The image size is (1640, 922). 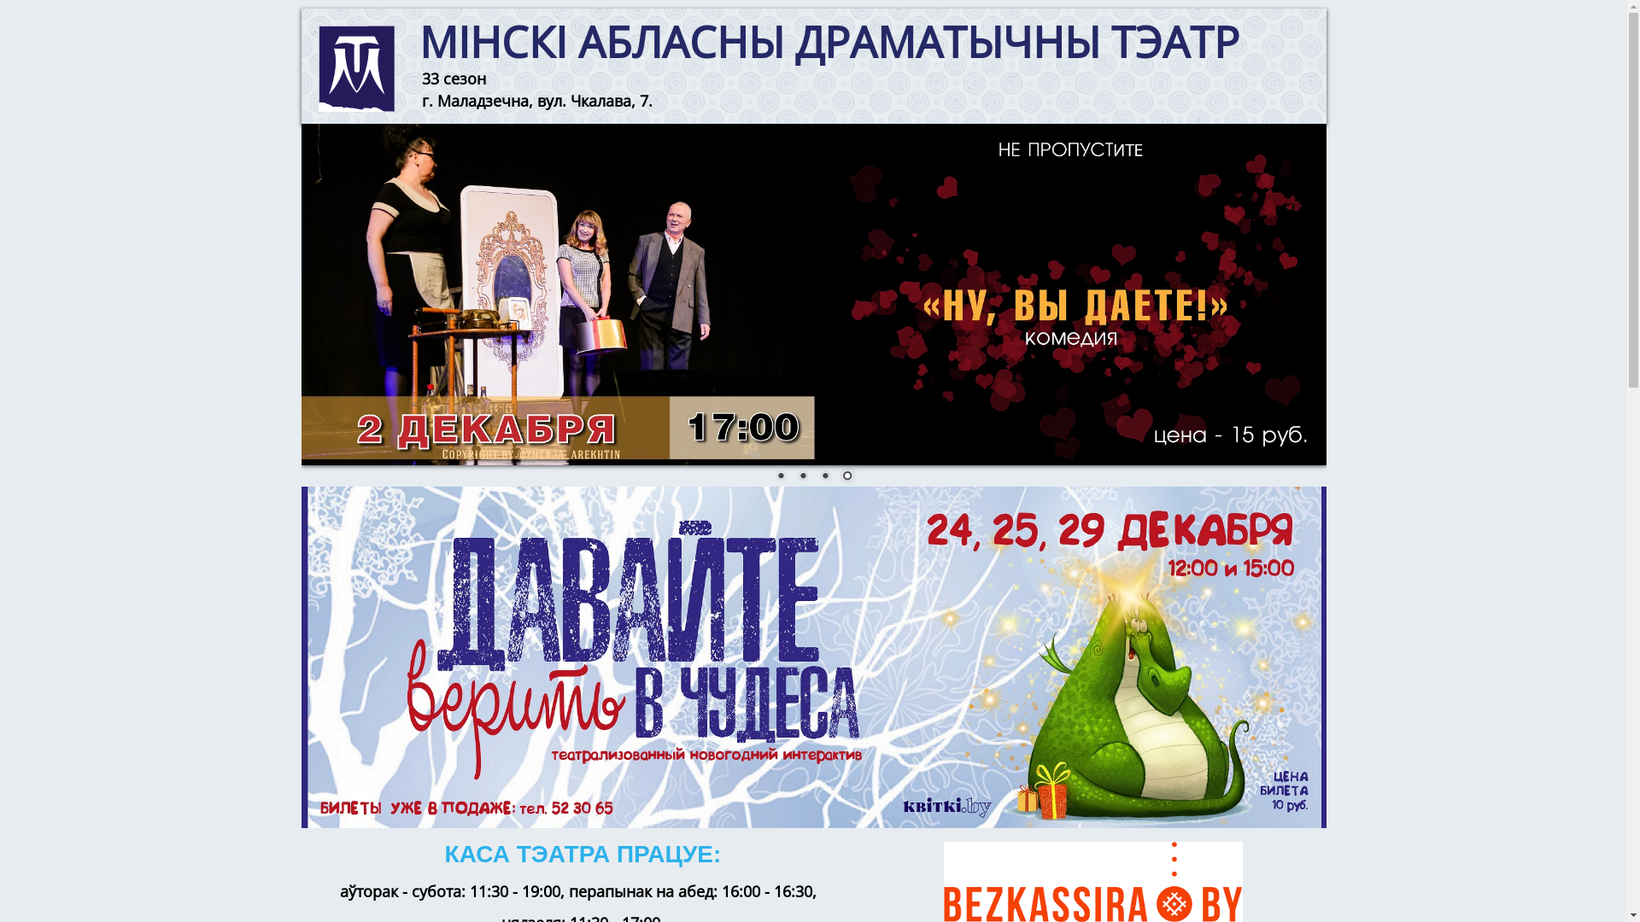 I want to click on '1', so click(x=778, y=477).